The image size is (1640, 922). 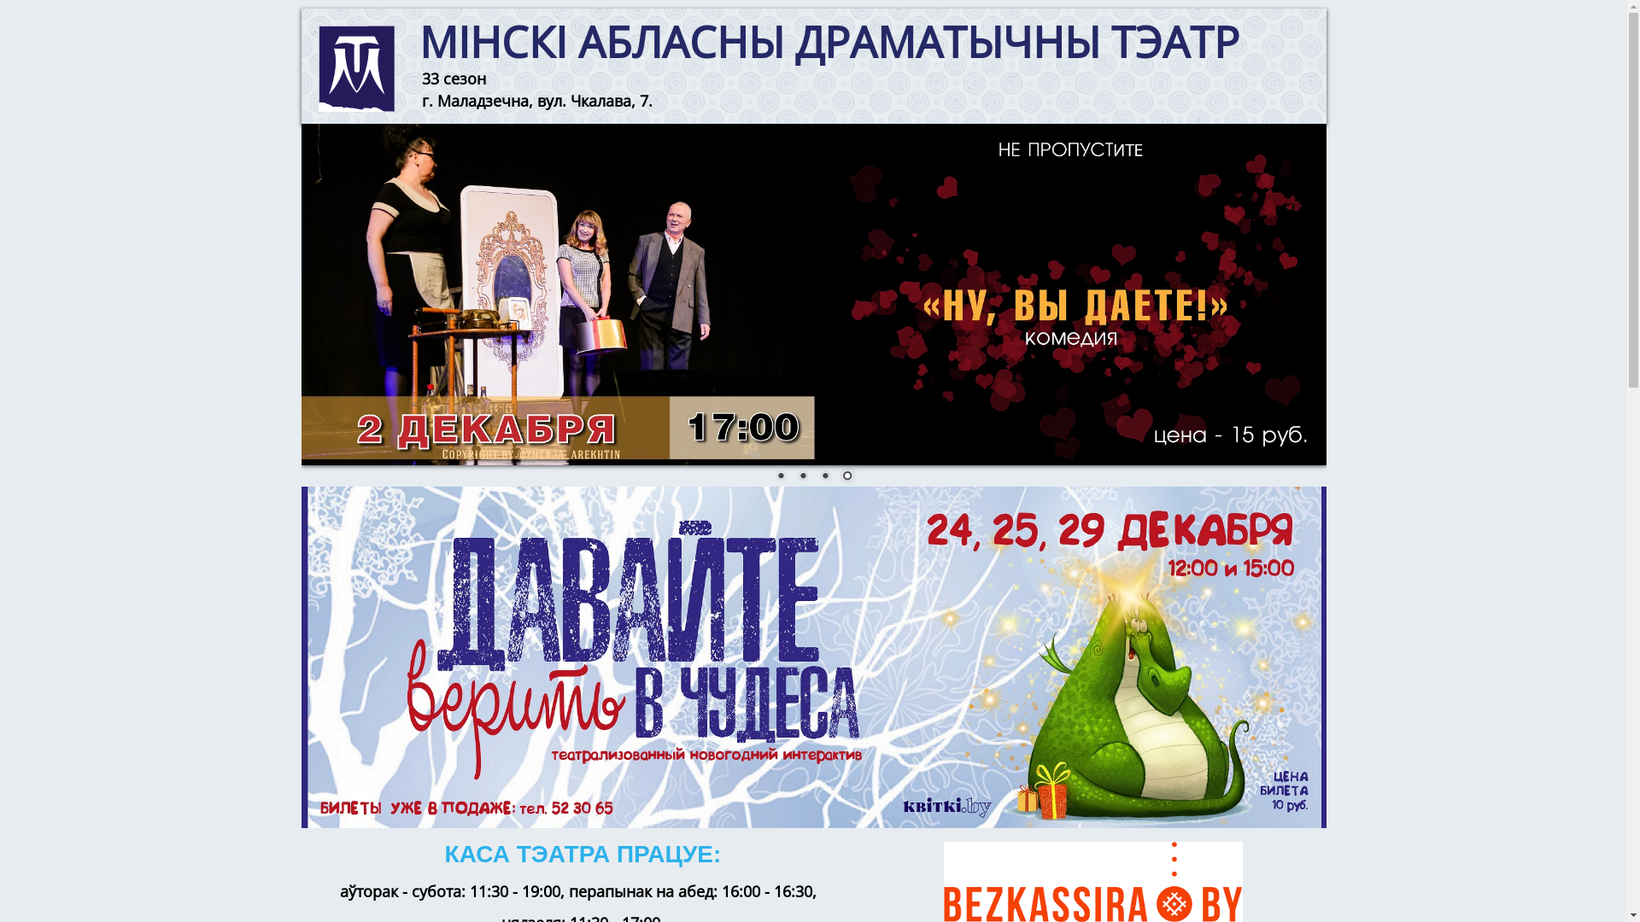 I want to click on '1', so click(x=778, y=477).